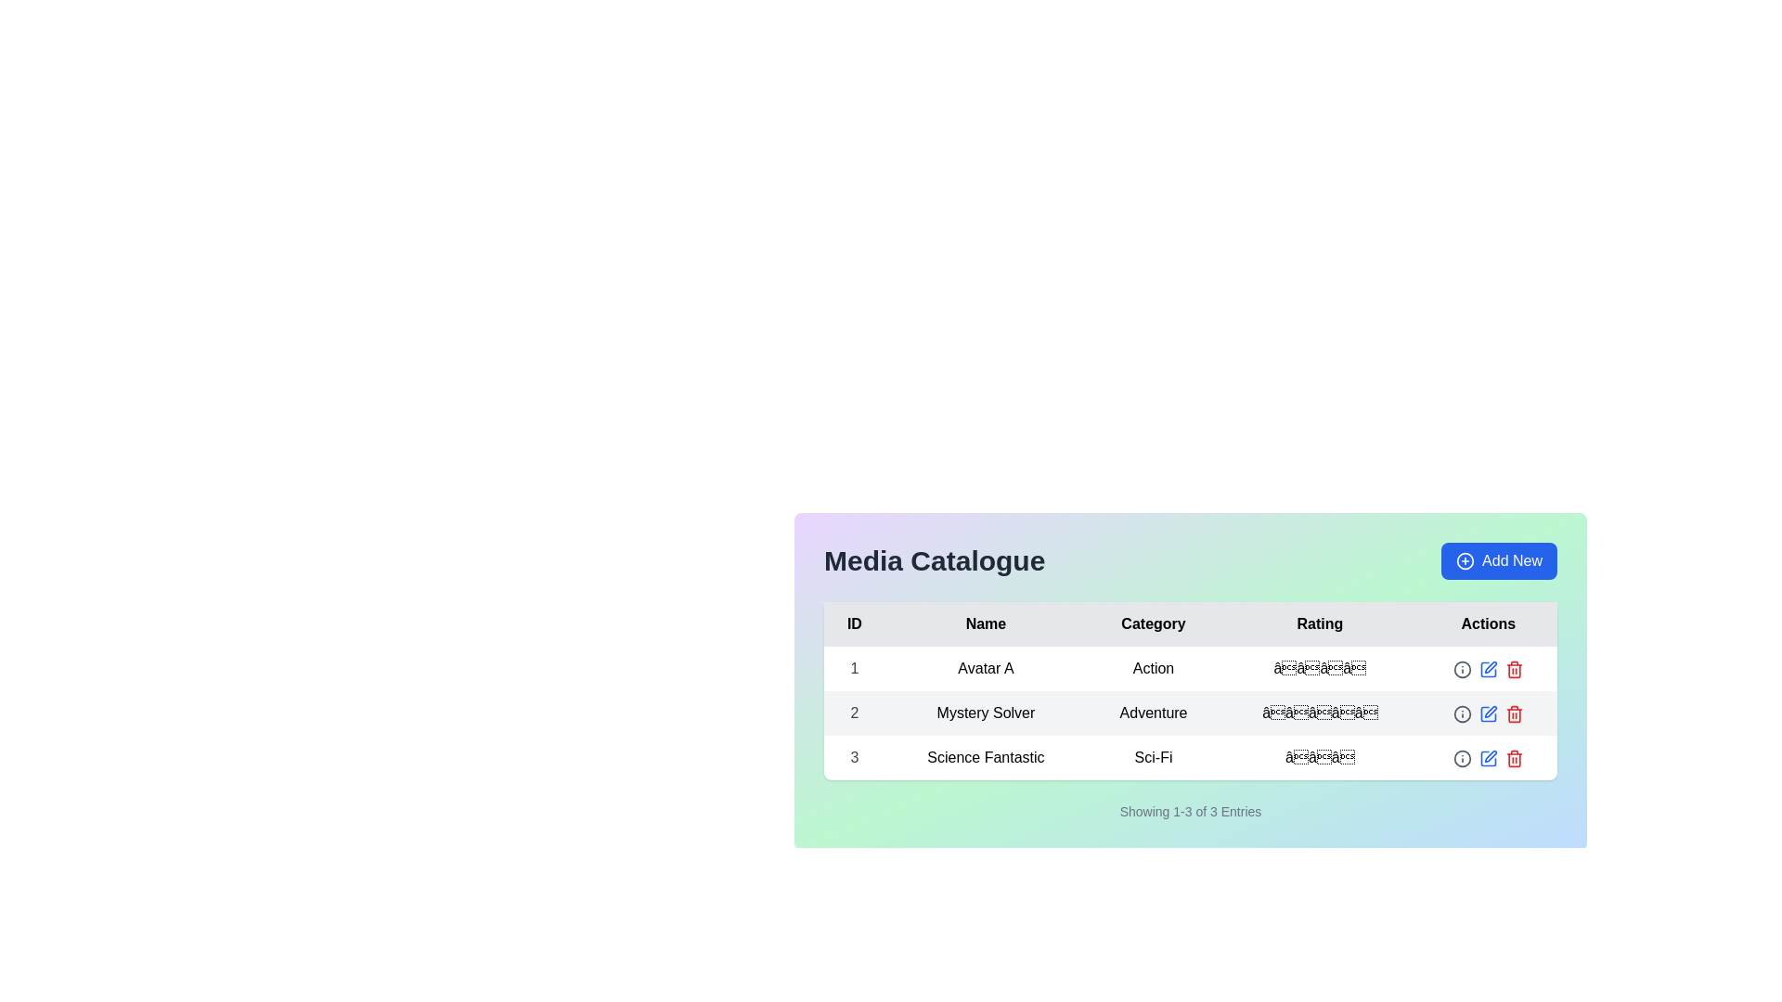 This screenshot has height=1002, width=1782. What do you see at coordinates (1488, 669) in the screenshot?
I see `the edit icon button in the actions section of the table row for 'Mystery Solver' in the 'Media Catalogue' interface` at bounding box center [1488, 669].